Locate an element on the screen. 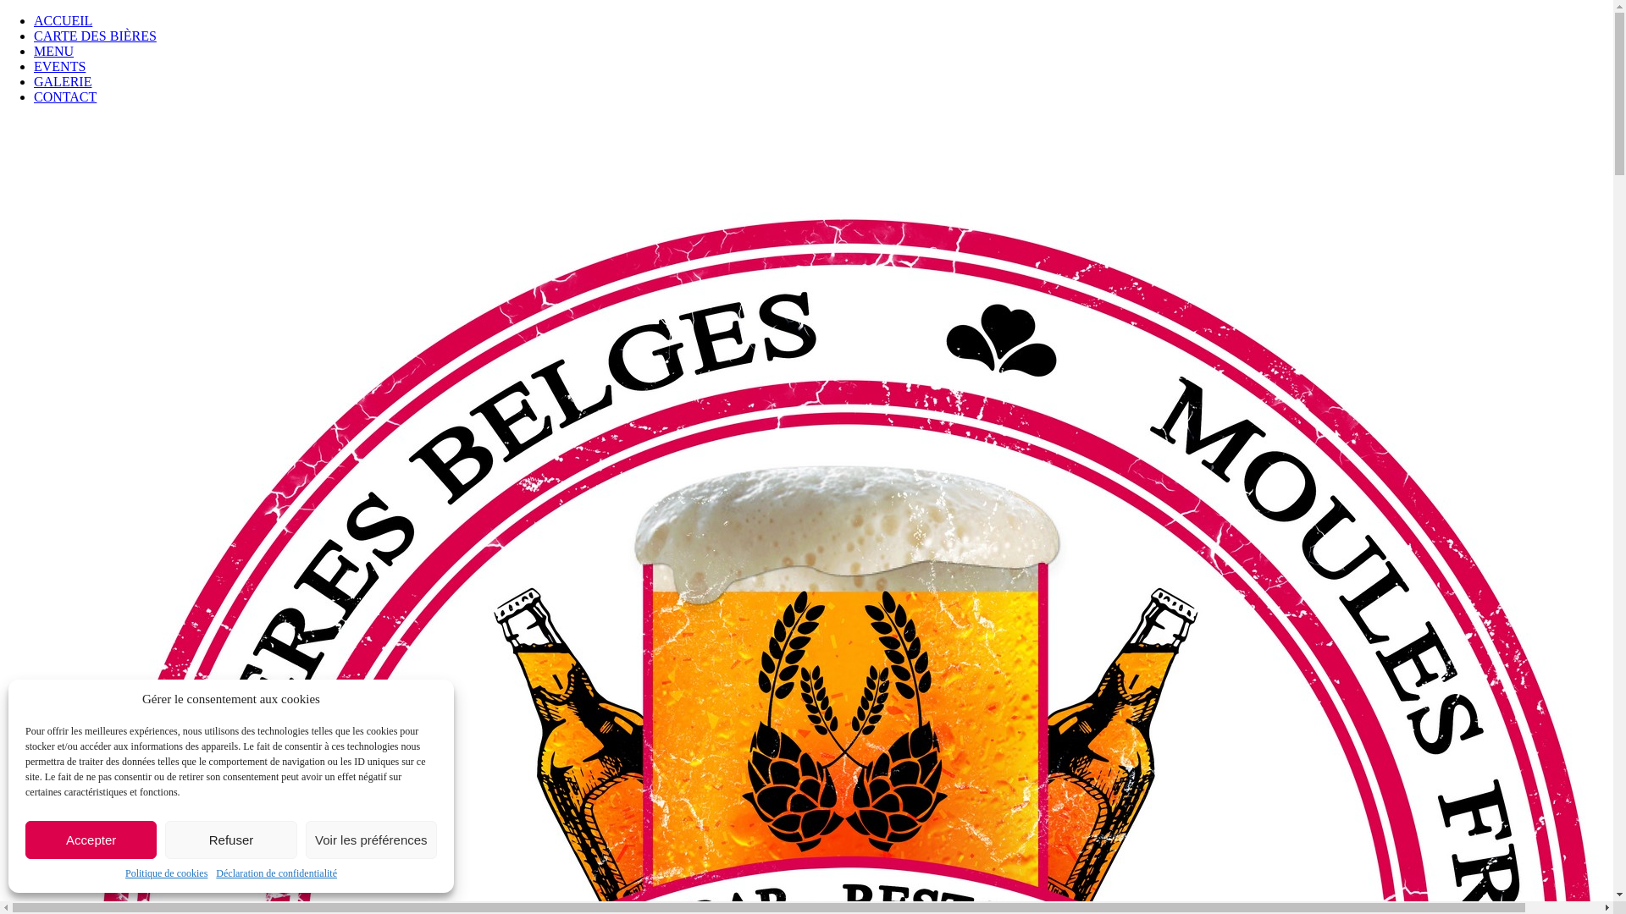 Image resolution: width=1626 pixels, height=914 pixels. 'GALERIE' is located at coordinates (62, 81).